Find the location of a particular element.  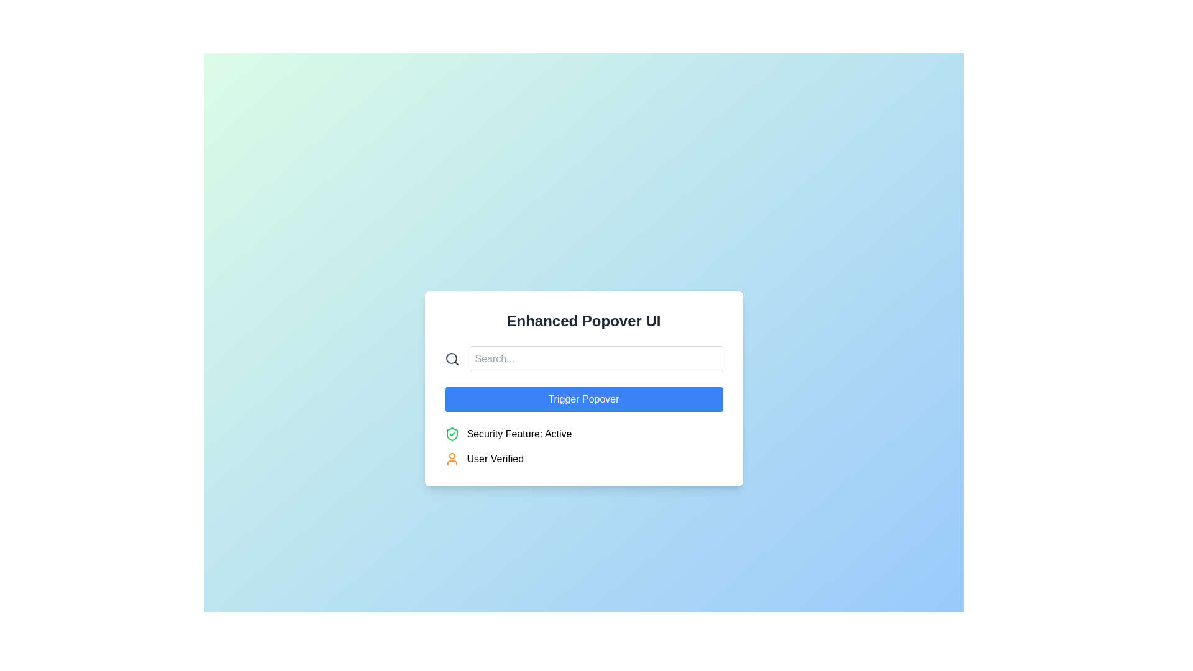

the circular lens part of the magnifying glass icon located at the top-left corner of the search area is located at coordinates (450, 358).